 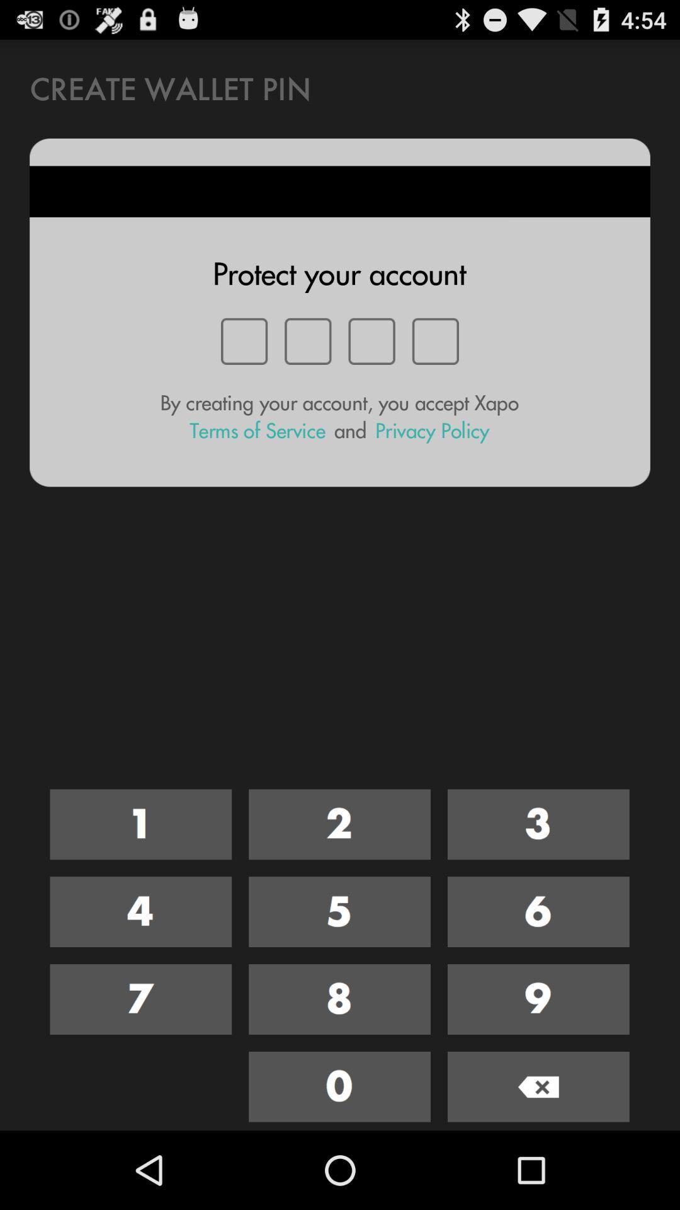 I want to click on nine, so click(x=538, y=998).